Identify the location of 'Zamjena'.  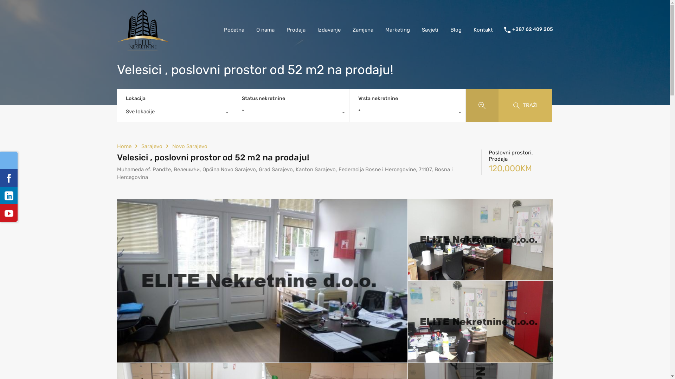
(346, 29).